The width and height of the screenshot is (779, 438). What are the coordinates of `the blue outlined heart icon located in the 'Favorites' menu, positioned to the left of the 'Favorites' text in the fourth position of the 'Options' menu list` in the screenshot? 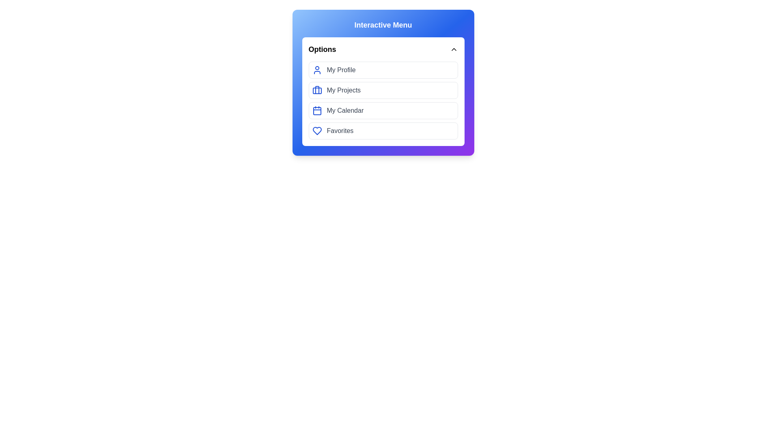 It's located at (316, 131).